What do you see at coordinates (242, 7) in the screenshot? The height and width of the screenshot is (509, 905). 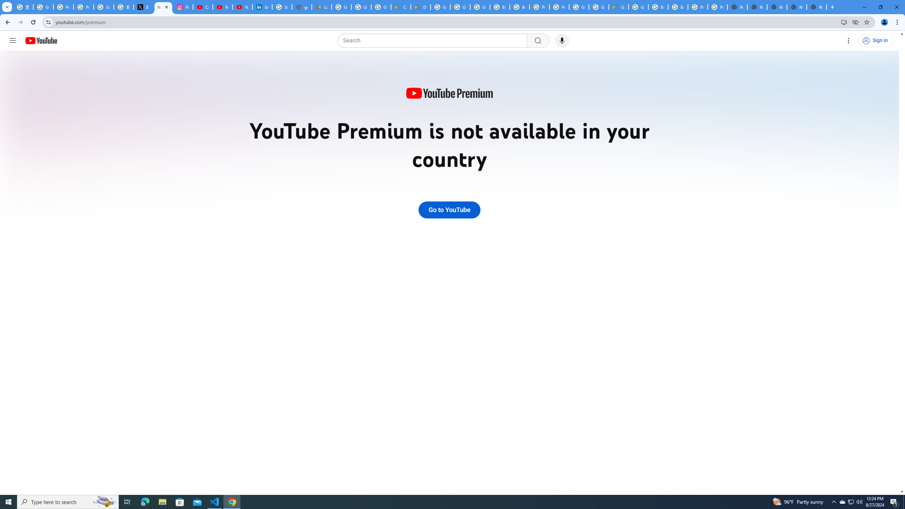 I see `'YouTube Culture & Trends - YouTube Top 10, 2021'` at bounding box center [242, 7].